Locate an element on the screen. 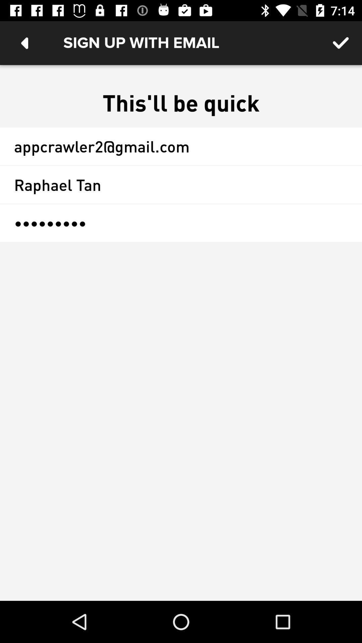 Image resolution: width=362 pixels, height=643 pixels. icon next to the sign up with item is located at coordinates (341, 43).